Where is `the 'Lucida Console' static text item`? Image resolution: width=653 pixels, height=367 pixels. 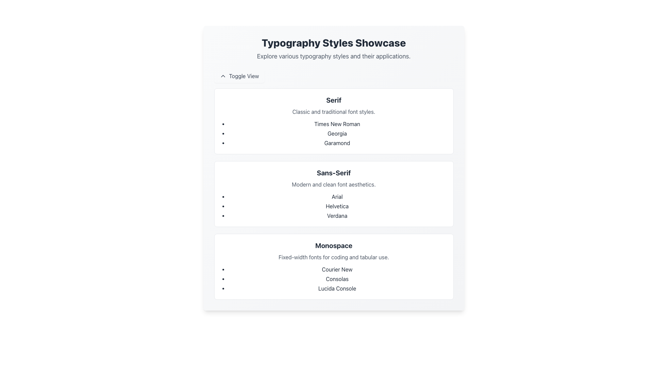
the 'Lucida Console' static text item is located at coordinates (337, 288).